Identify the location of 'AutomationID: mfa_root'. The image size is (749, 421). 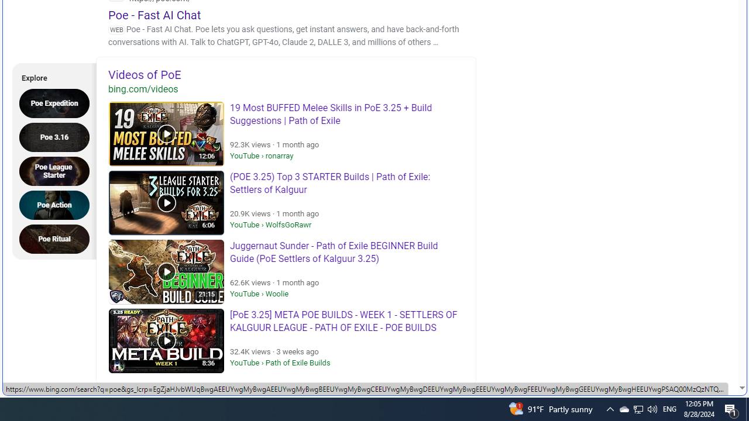
(698, 352).